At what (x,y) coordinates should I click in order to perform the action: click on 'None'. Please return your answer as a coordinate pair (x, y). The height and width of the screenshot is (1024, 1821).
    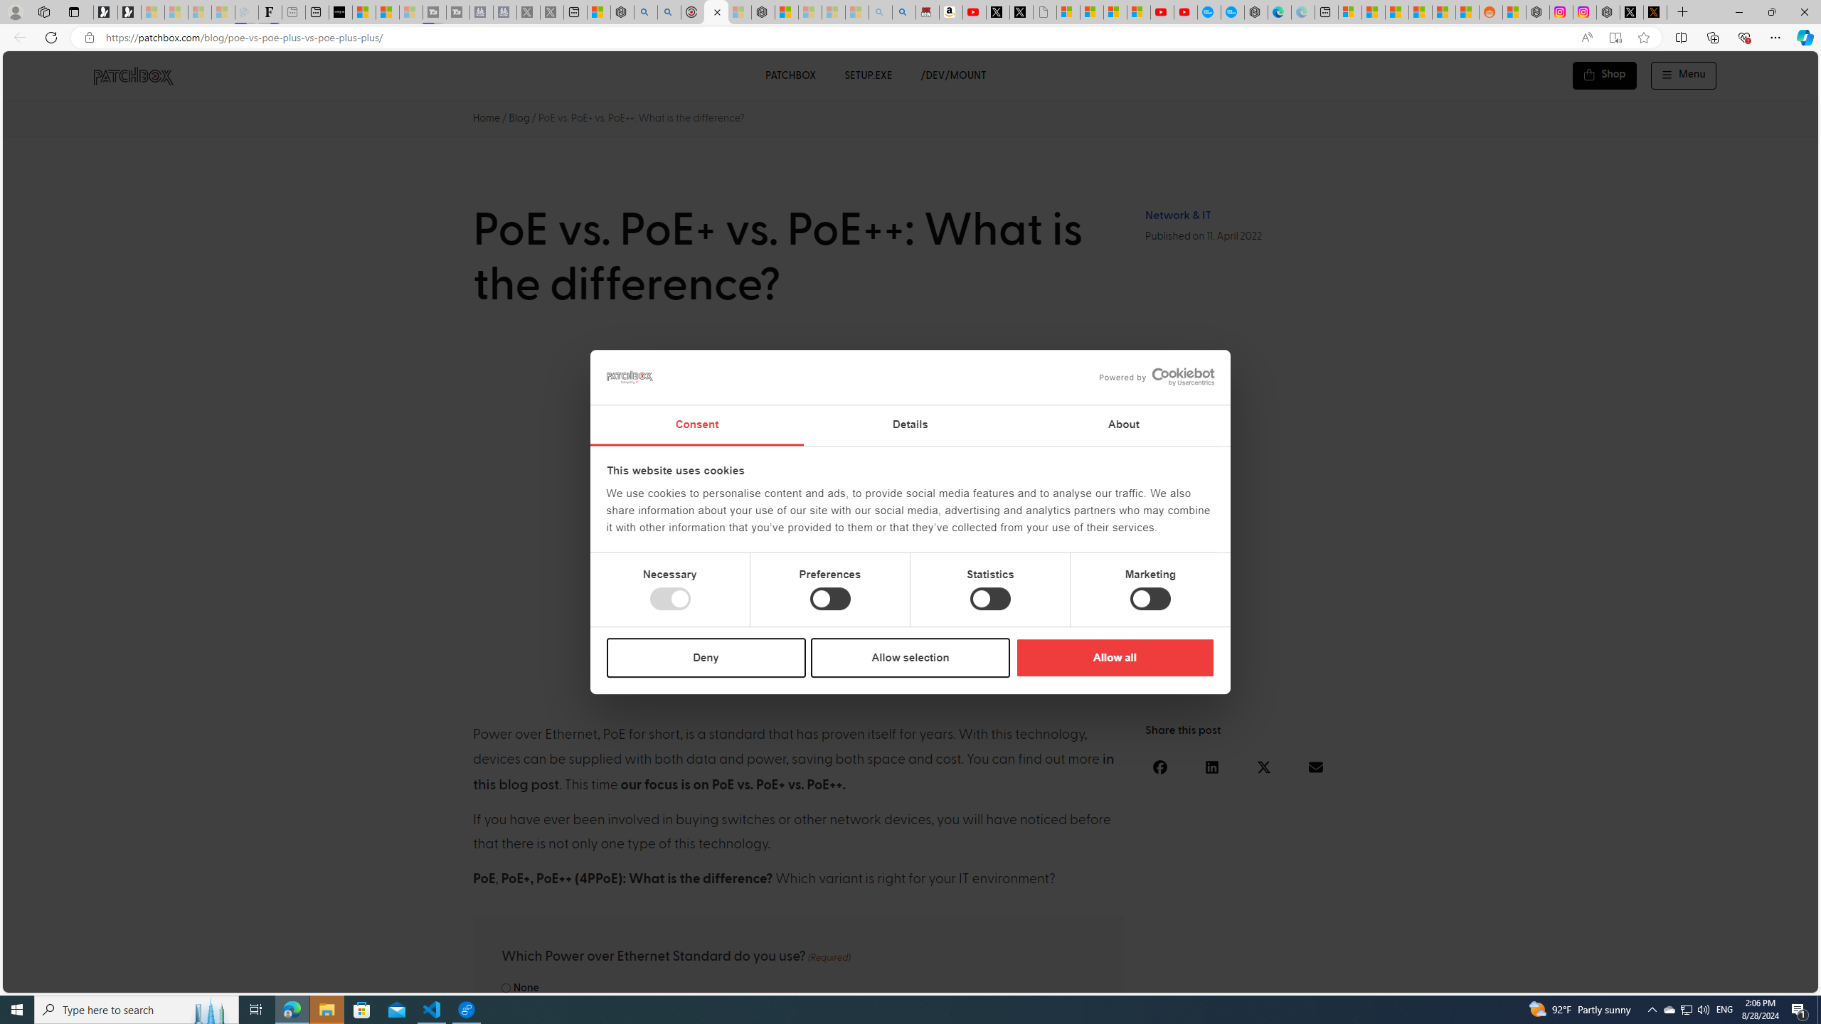
    Looking at the image, I should click on (504, 988).